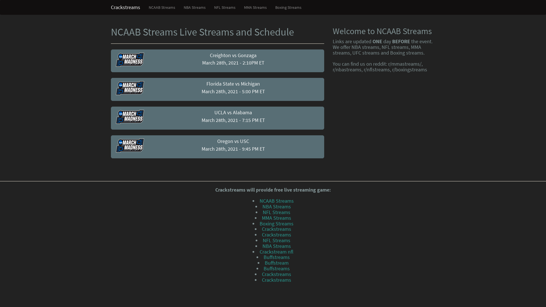 The height and width of the screenshot is (307, 546). Describe the element at coordinates (264, 263) in the screenshot. I see `'Buffstream'` at that location.